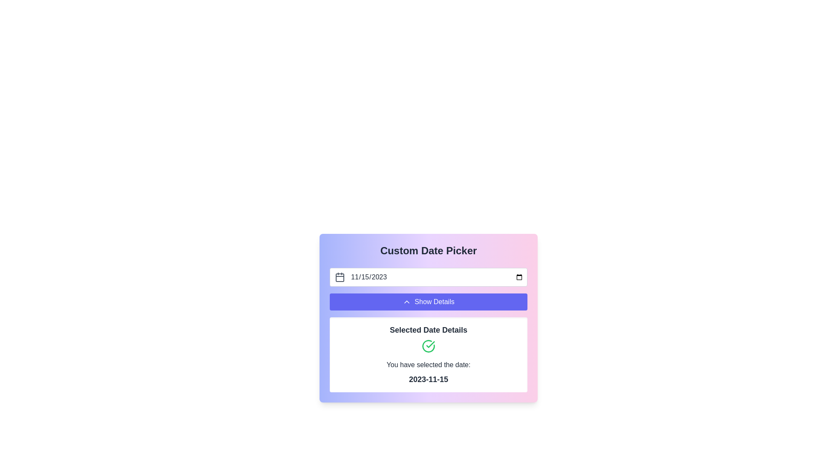 This screenshot has width=818, height=460. What do you see at coordinates (429, 302) in the screenshot?
I see `the toggle button in the 'Custom Date Picker' panel` at bounding box center [429, 302].